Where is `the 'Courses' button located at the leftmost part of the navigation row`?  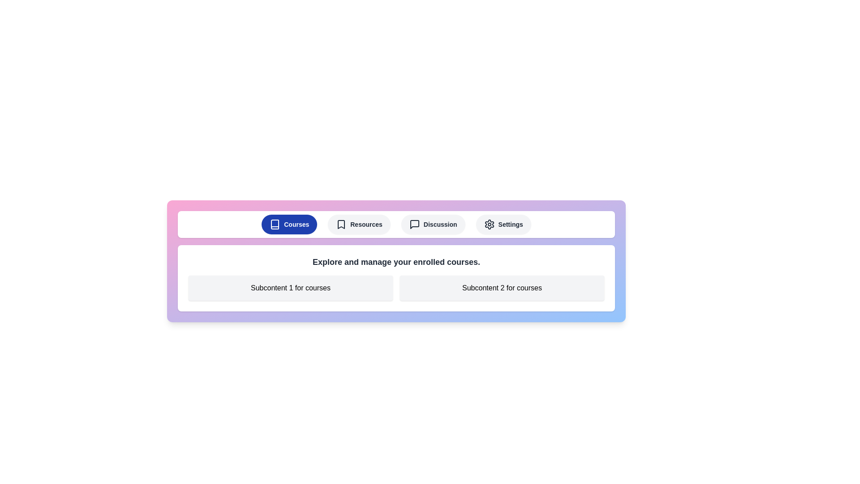 the 'Courses' button located at the leftmost part of the navigation row is located at coordinates (275, 224).